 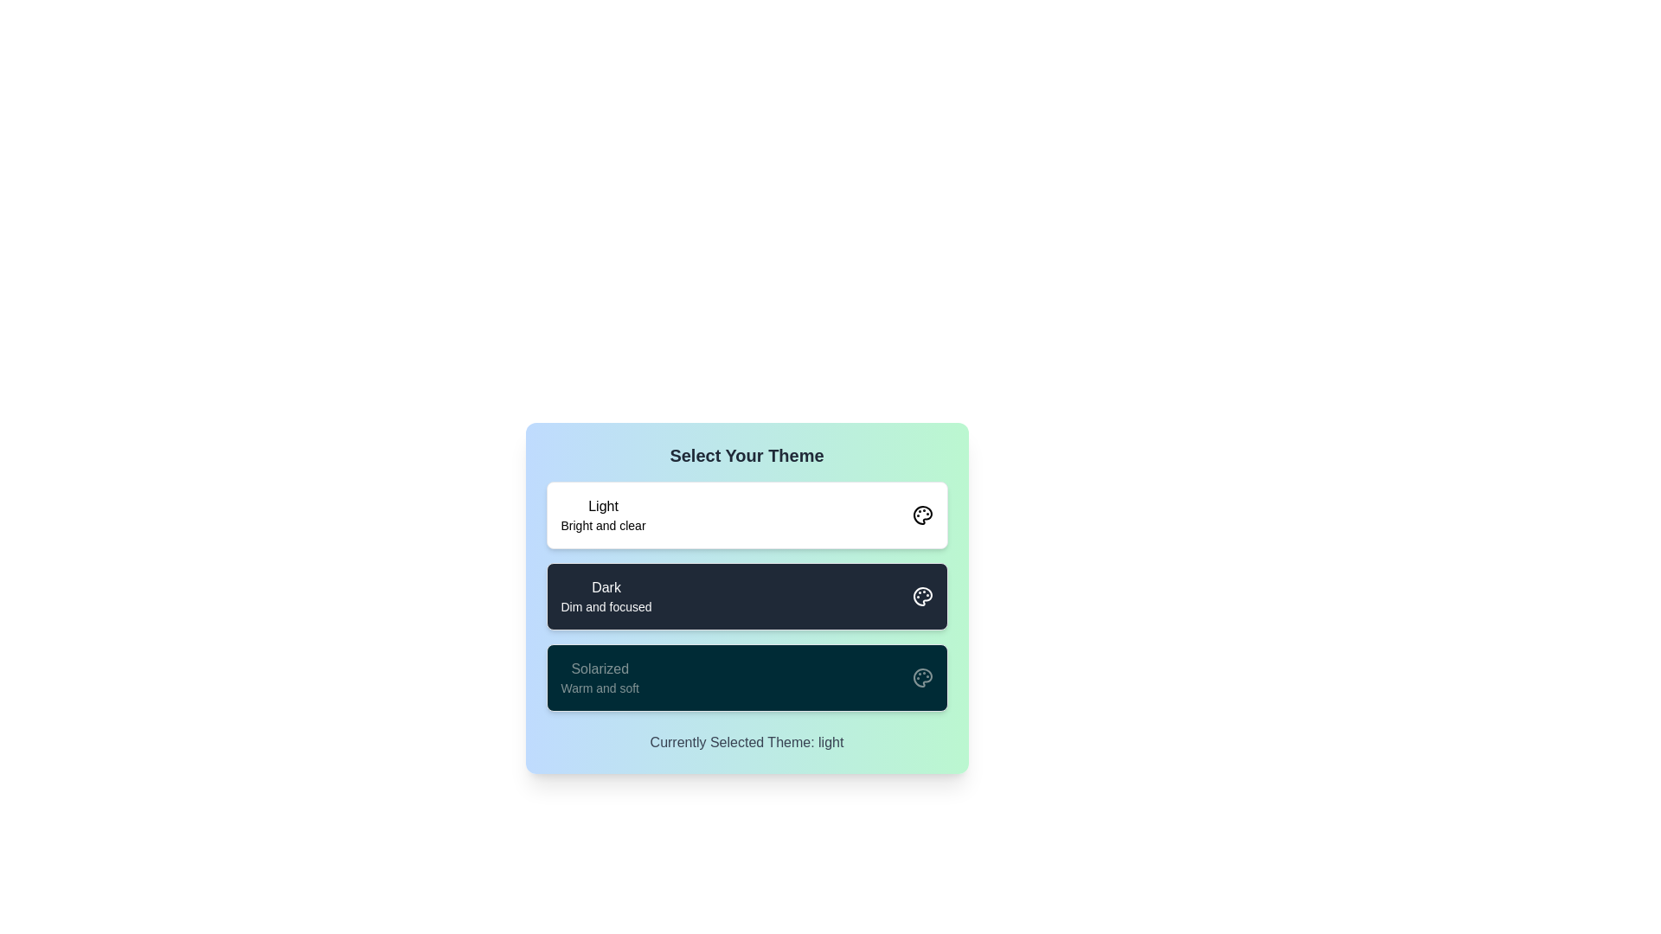 What do you see at coordinates (747, 596) in the screenshot?
I see `the theme Dark by clicking on its corresponding card` at bounding box center [747, 596].